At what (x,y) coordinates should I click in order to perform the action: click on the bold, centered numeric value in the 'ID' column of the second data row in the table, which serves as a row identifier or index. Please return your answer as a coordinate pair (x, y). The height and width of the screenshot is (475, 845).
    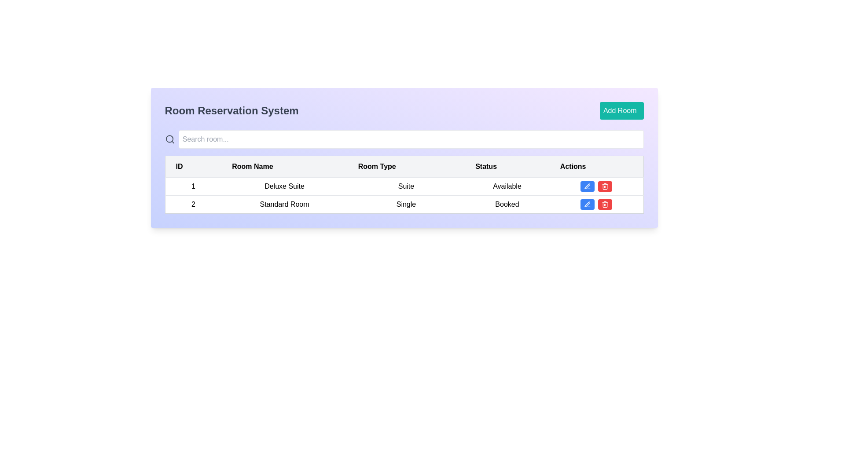
    Looking at the image, I should click on (193, 205).